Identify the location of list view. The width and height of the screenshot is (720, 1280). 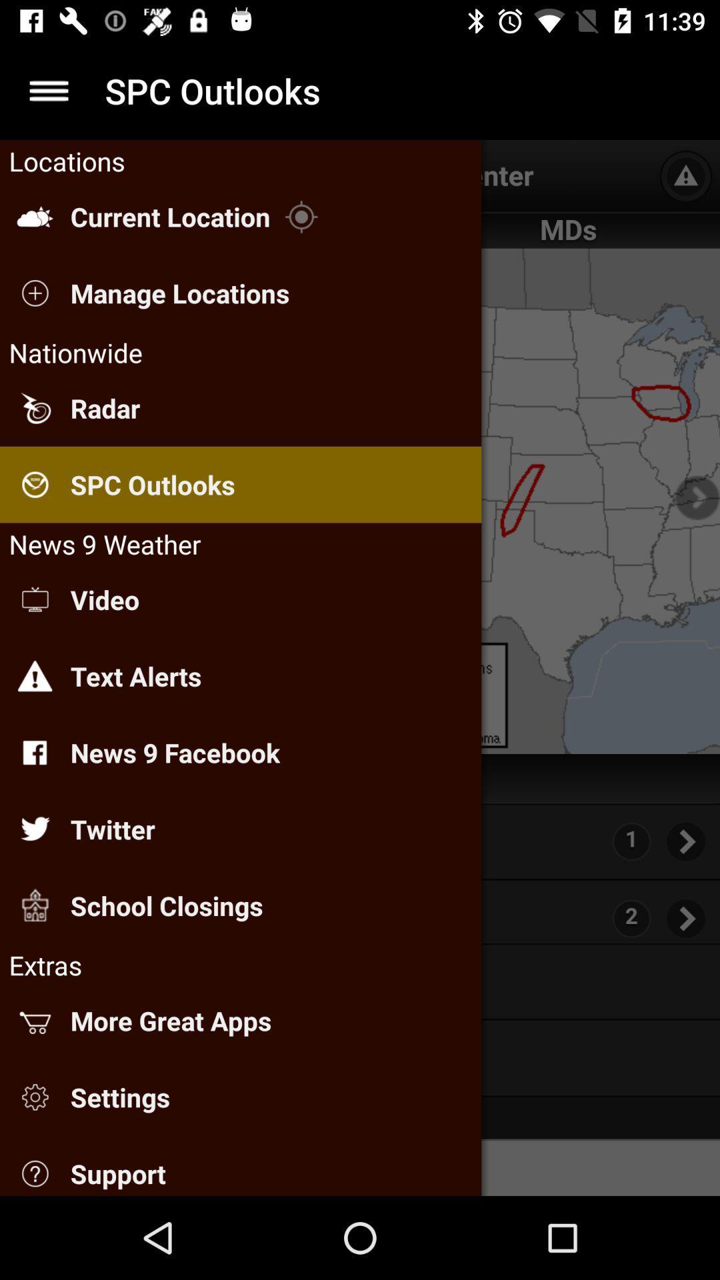
(48, 90).